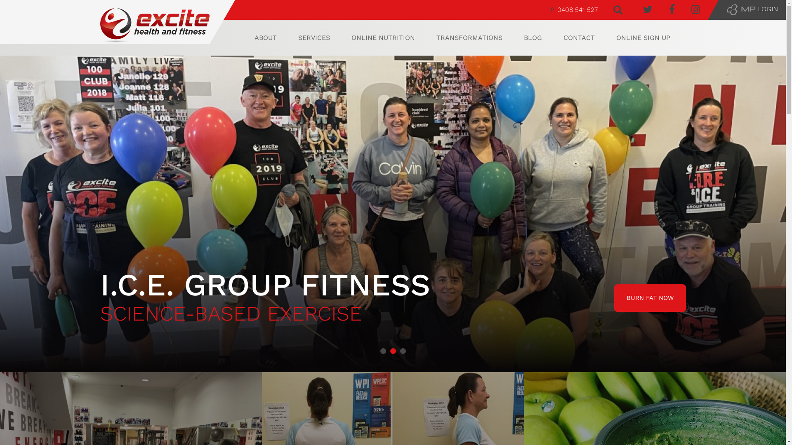 The height and width of the screenshot is (445, 792). I want to click on 'Stop', so click(781, 375).